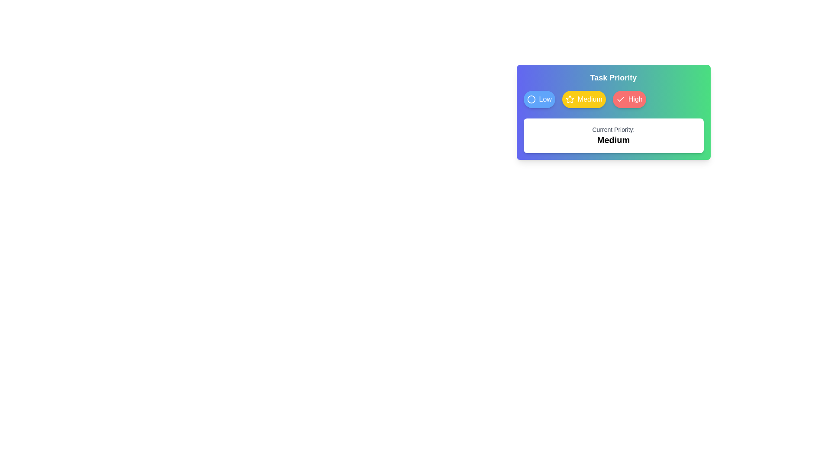  Describe the element at coordinates (620, 99) in the screenshot. I see `checkmark icon confirming the selection of an item, which is positioned after the 'Medium Priority' button` at that location.